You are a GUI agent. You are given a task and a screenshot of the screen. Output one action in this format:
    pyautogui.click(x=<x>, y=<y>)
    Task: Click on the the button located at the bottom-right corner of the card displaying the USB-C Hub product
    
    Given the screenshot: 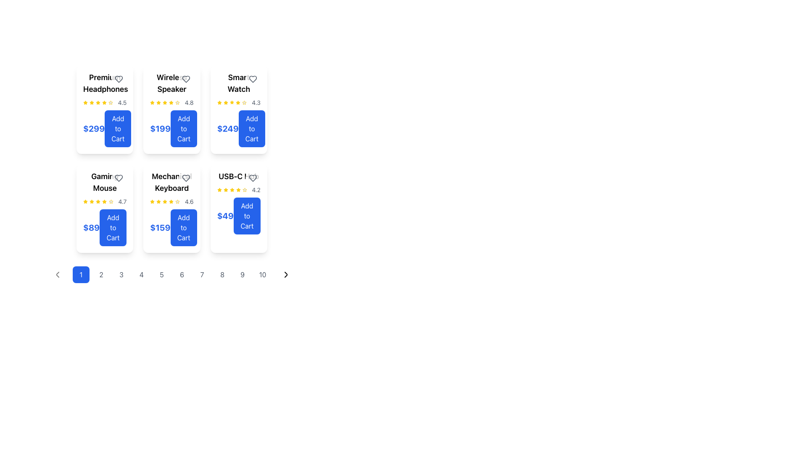 What is the action you would take?
    pyautogui.click(x=246, y=216)
    